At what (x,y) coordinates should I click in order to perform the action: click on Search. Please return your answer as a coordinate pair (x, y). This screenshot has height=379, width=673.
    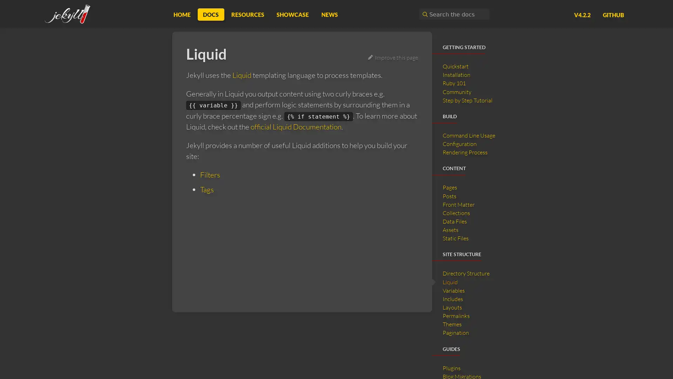
    Looking at the image, I should click on (424, 14).